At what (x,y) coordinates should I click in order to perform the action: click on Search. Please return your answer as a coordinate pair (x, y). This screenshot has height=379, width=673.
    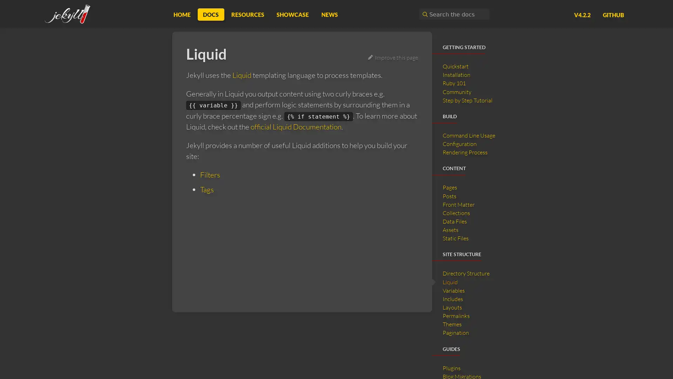
    Looking at the image, I should click on (424, 14).